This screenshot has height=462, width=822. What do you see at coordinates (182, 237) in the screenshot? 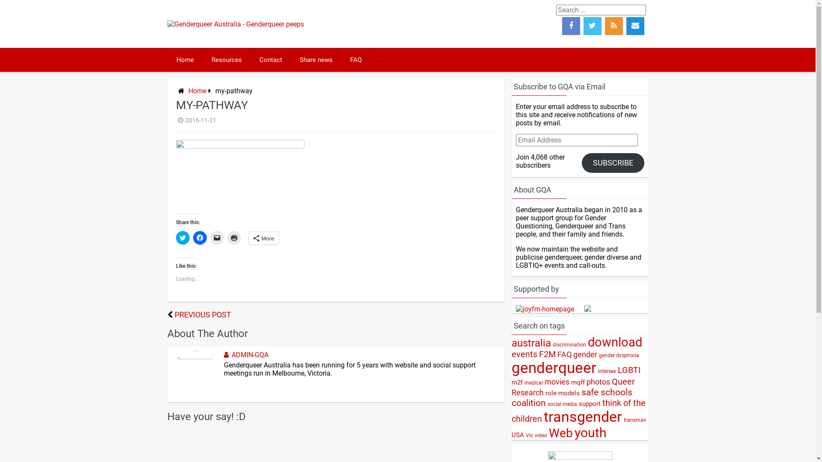
I see `'Click to share on Twitter (Opens in new window)'` at bounding box center [182, 237].